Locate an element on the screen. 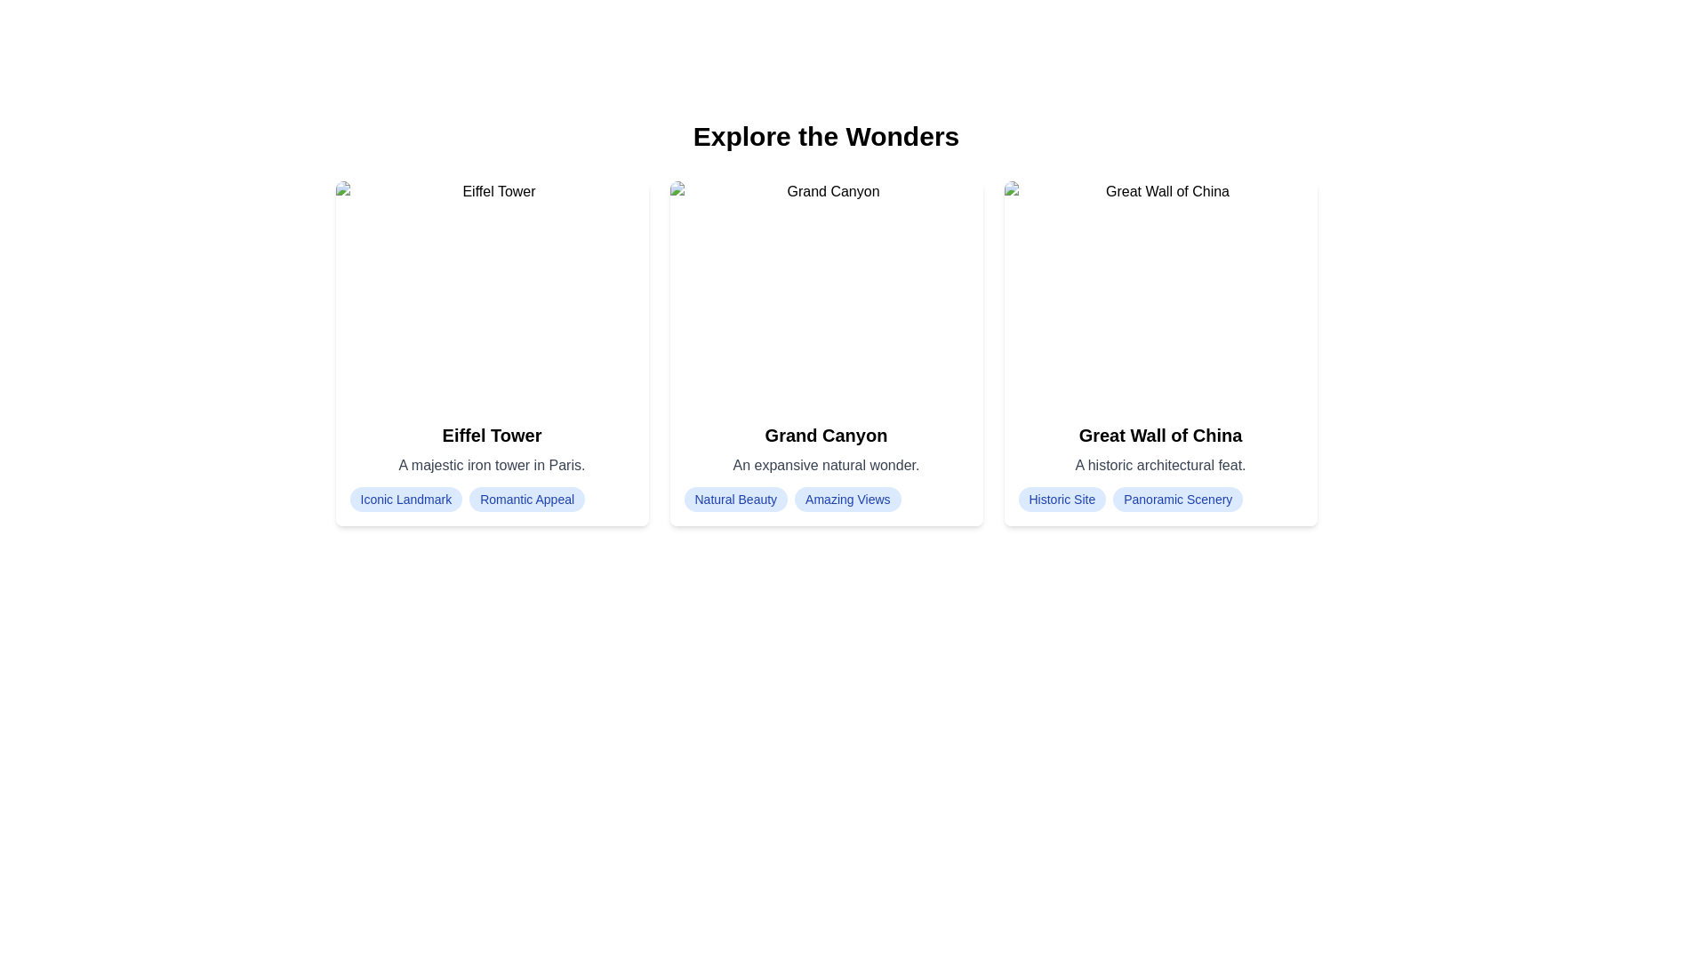  the text content of the 'Amazing Views' badge, which is the second tag below the 'Grand Canyon' description, located near the bottom-center of the section is located at coordinates (846, 500).